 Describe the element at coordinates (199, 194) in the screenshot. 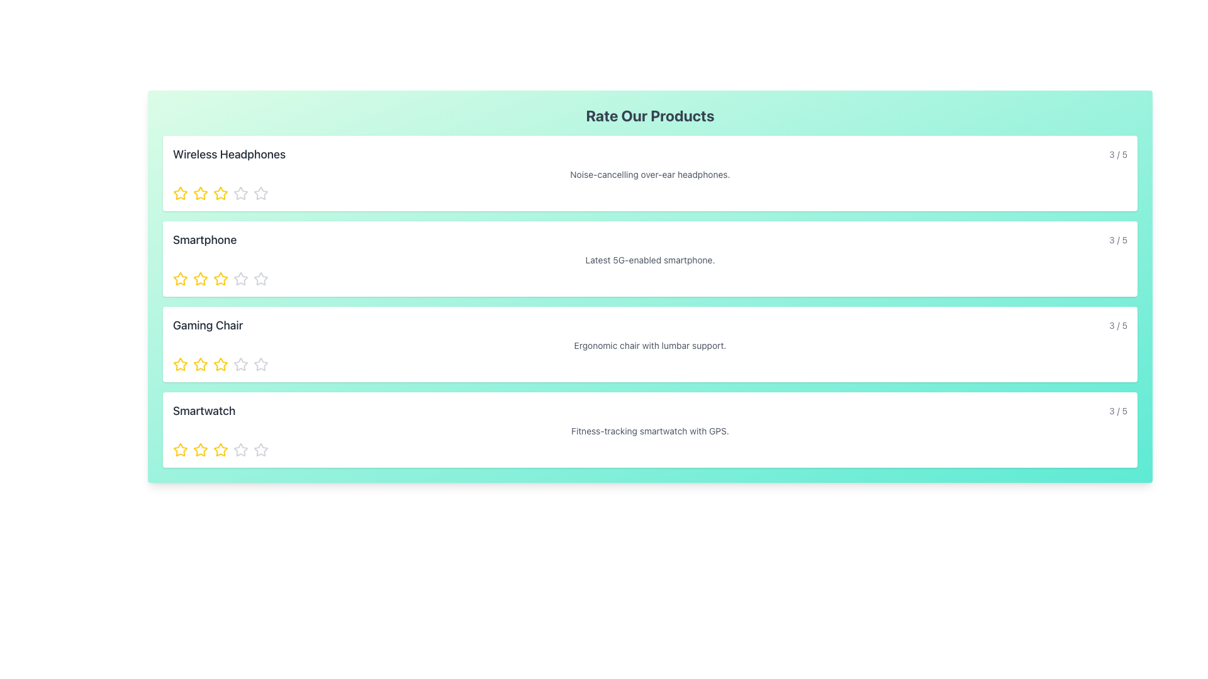

I see `the second star` at that location.